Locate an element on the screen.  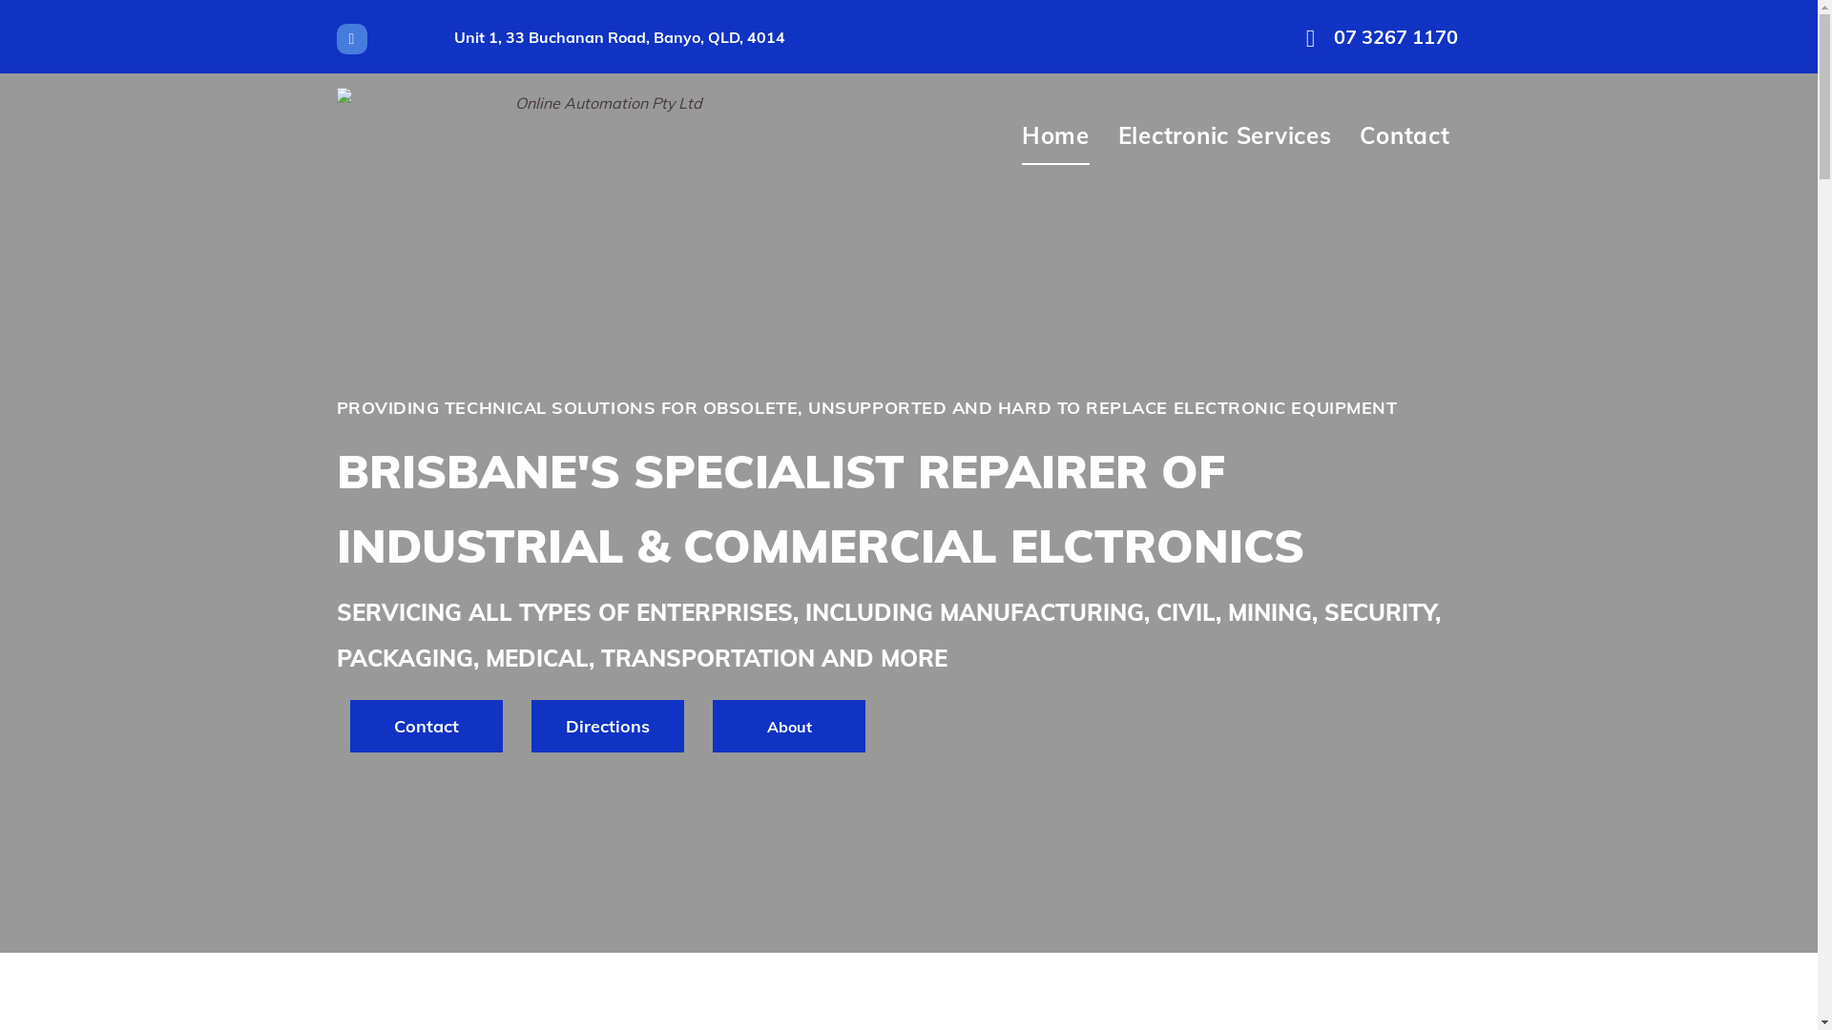
'About' is located at coordinates (712, 726).